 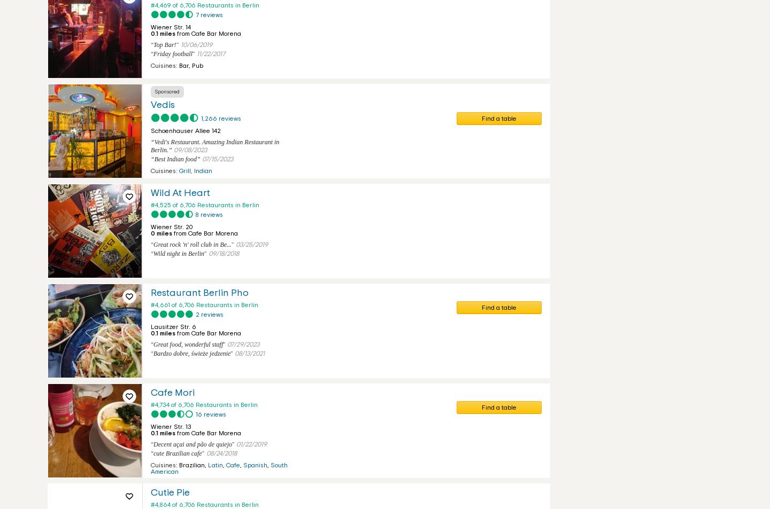 I want to click on '03/25/2019', so click(x=252, y=244).